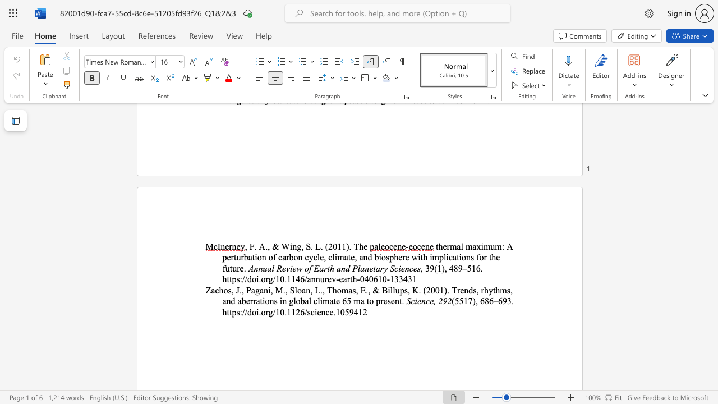 This screenshot has width=718, height=404. I want to click on the subset text ". Trends," within the text "Zachos, J., Pagani, M., Sloan, L., Thomas, E., & Billups, K. (2001). Trends, rhythms,", so click(447, 290).